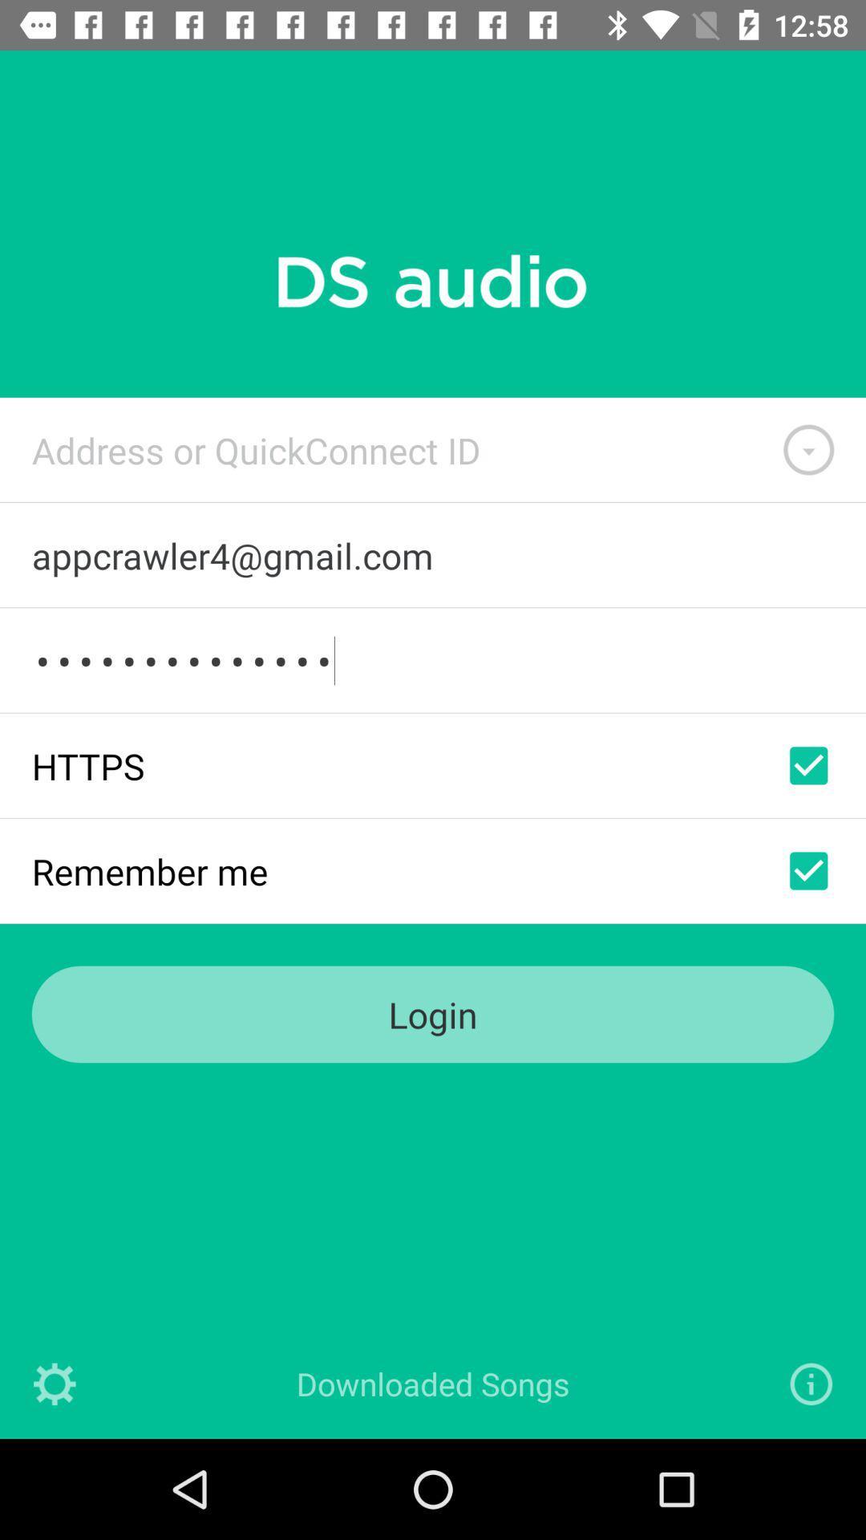 This screenshot has width=866, height=1540. Describe the element at coordinates (808, 869) in the screenshot. I see `remember update` at that location.